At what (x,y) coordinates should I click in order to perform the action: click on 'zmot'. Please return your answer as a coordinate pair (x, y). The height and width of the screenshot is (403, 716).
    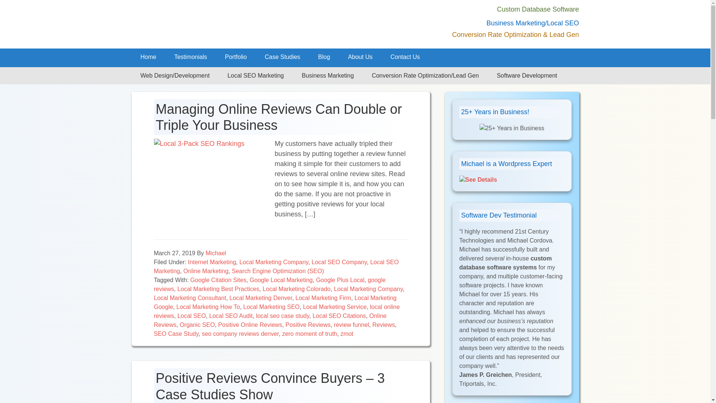
    Looking at the image, I should click on (340, 333).